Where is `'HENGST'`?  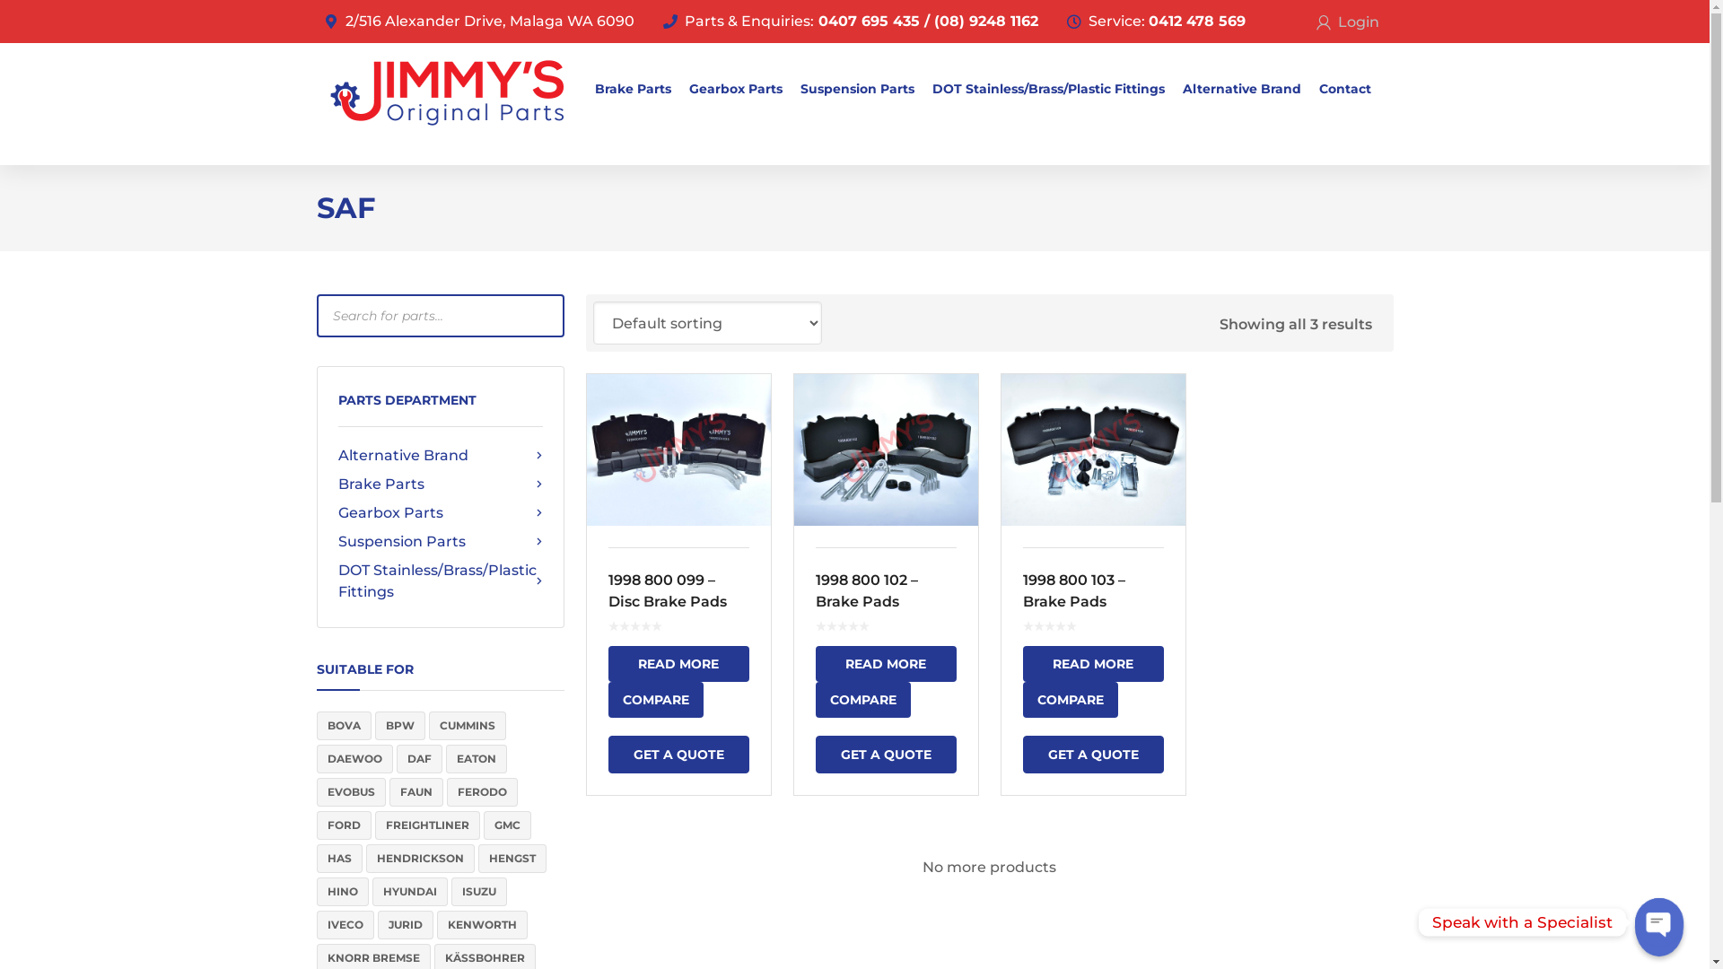 'HENGST' is located at coordinates (511, 857).